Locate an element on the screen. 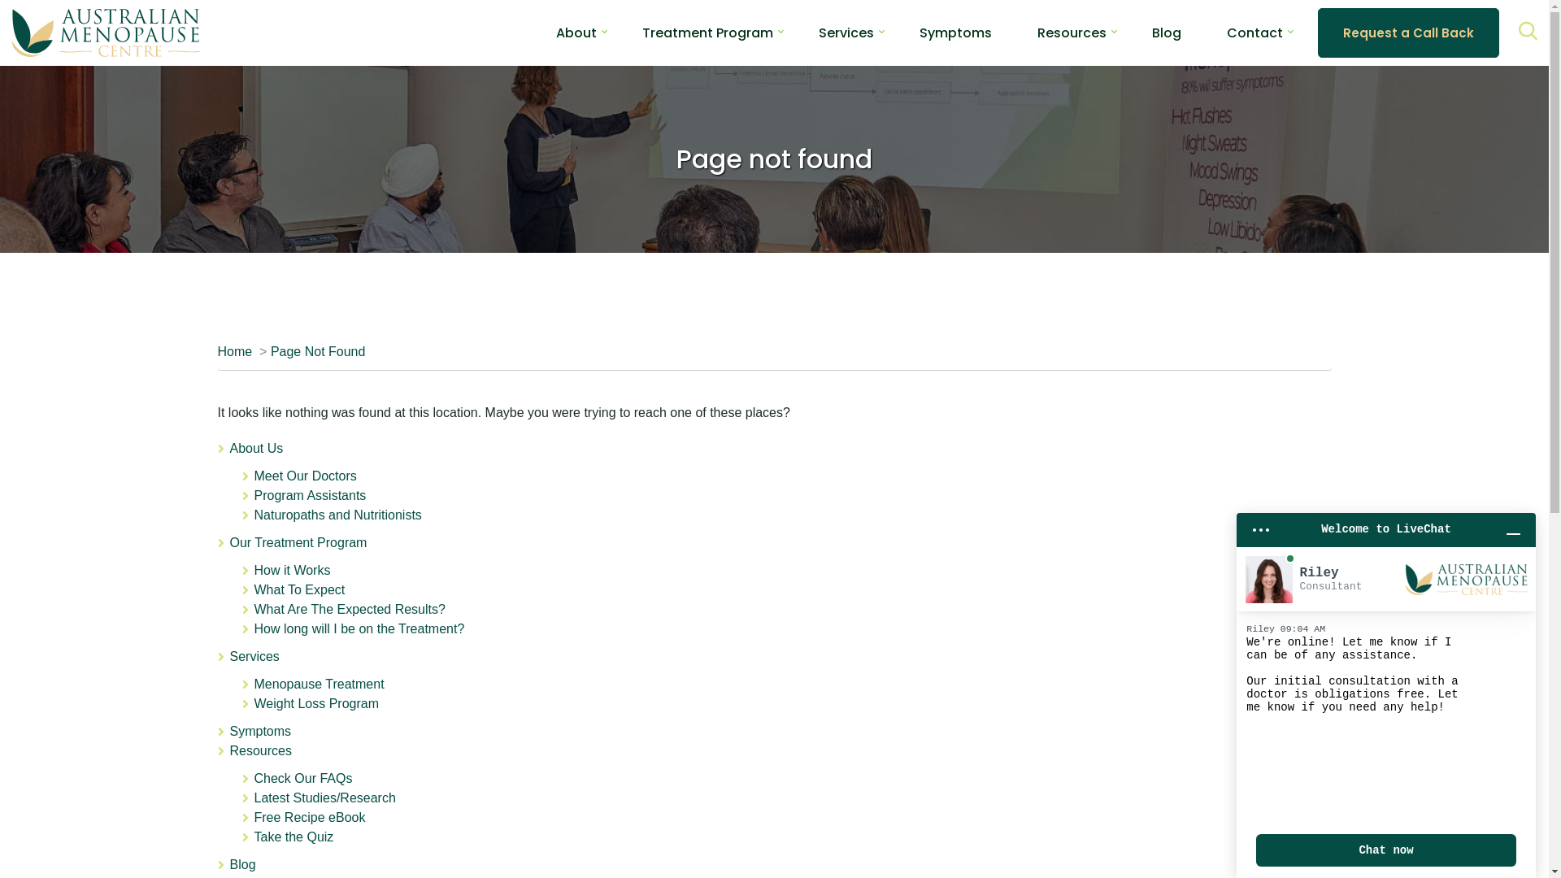  'Symptoms' is located at coordinates (955, 32).